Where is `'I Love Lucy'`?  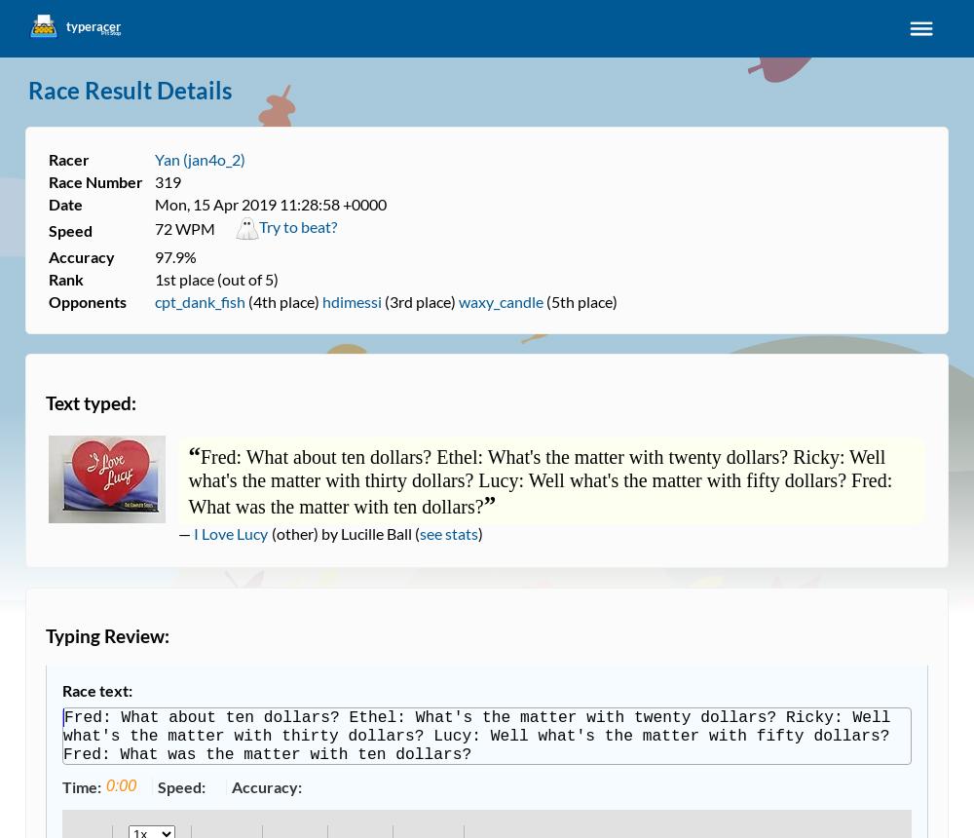
'I Love Lucy' is located at coordinates (193, 532).